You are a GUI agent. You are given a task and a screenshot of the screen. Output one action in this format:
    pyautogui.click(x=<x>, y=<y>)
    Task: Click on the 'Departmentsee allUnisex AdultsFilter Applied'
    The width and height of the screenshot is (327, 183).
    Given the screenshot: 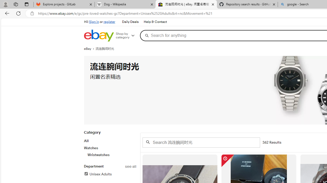 What is the action you would take?
    pyautogui.click(x=110, y=173)
    